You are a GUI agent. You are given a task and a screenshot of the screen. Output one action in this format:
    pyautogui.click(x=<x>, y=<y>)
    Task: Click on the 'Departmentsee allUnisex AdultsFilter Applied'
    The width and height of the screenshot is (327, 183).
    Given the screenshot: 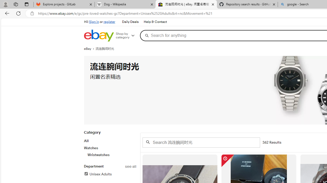 What is the action you would take?
    pyautogui.click(x=110, y=173)
    